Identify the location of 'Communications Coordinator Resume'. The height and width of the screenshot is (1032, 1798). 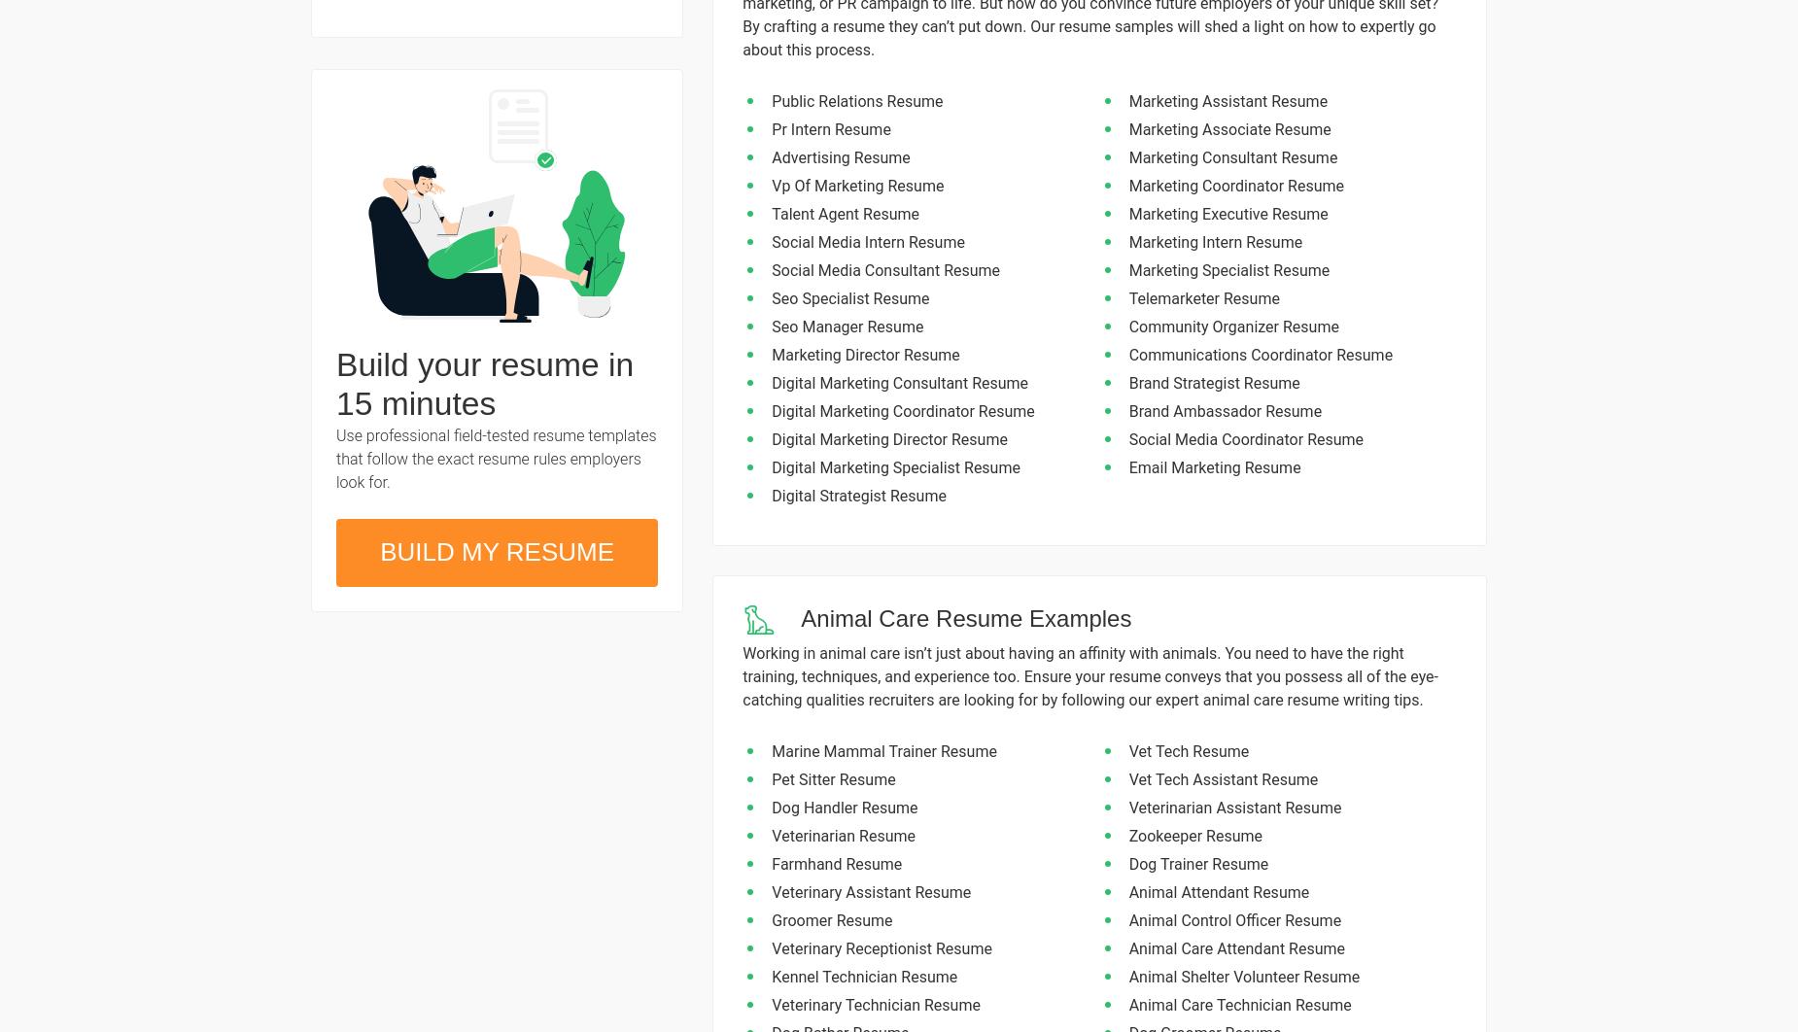
(1260, 354).